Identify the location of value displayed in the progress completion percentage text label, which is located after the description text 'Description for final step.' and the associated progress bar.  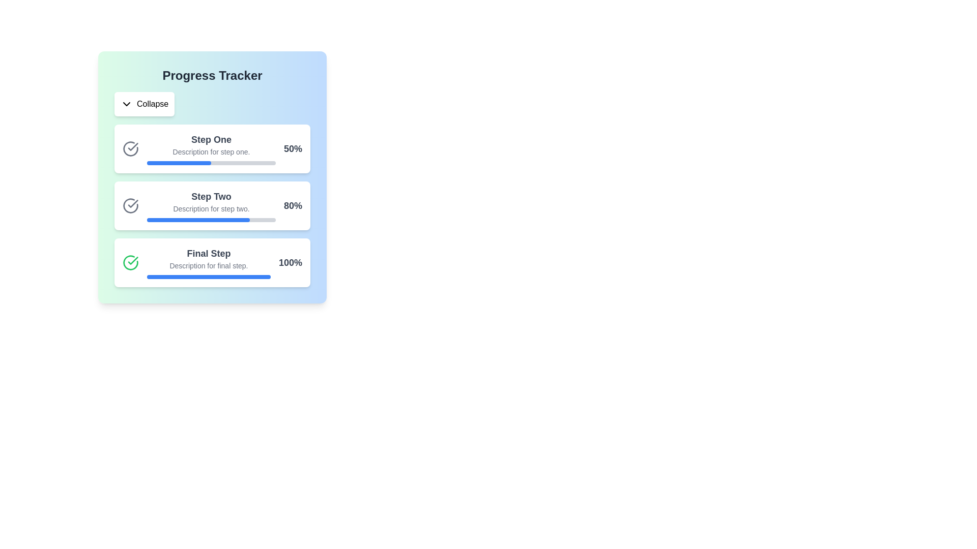
(290, 262).